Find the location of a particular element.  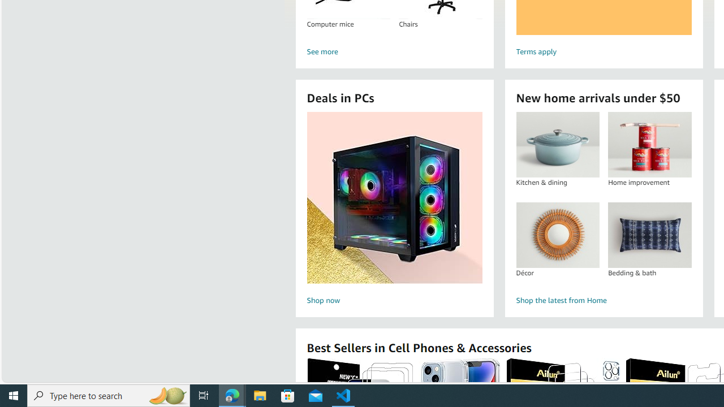

'Home improvement' is located at coordinates (649, 144).